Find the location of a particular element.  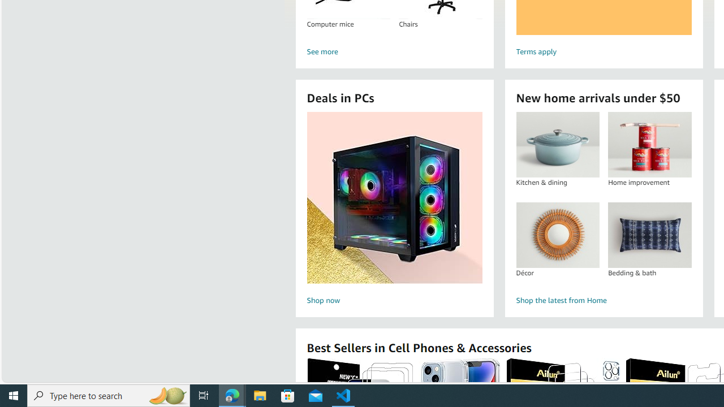

'Home improvement' is located at coordinates (649, 144).